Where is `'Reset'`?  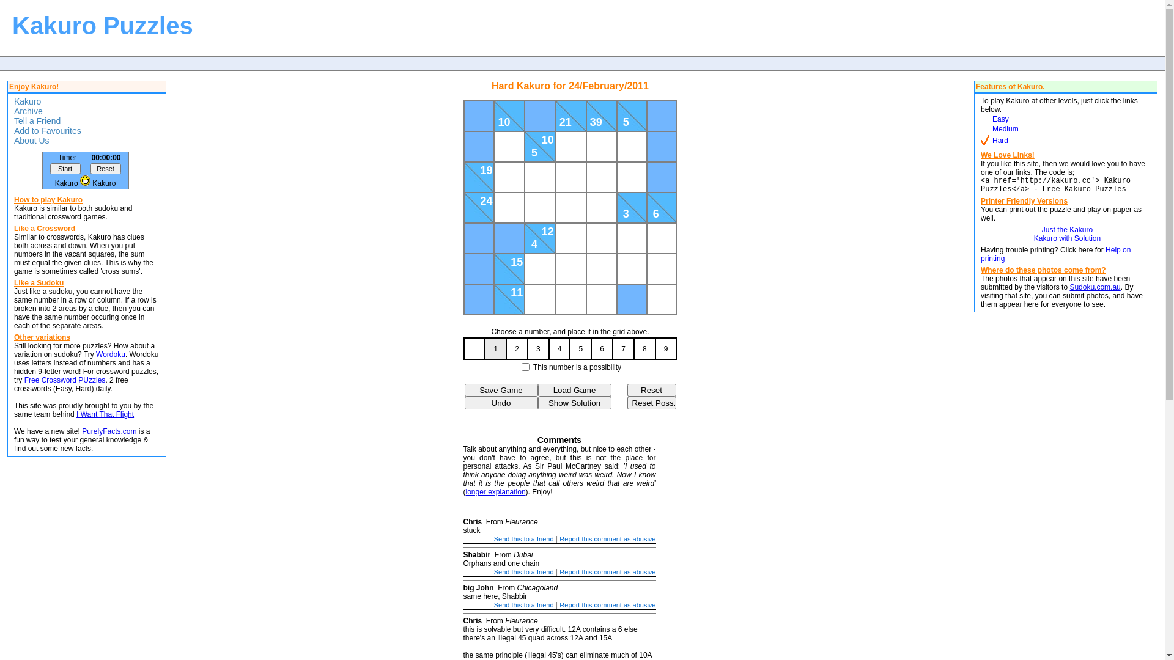 'Reset' is located at coordinates (90, 169).